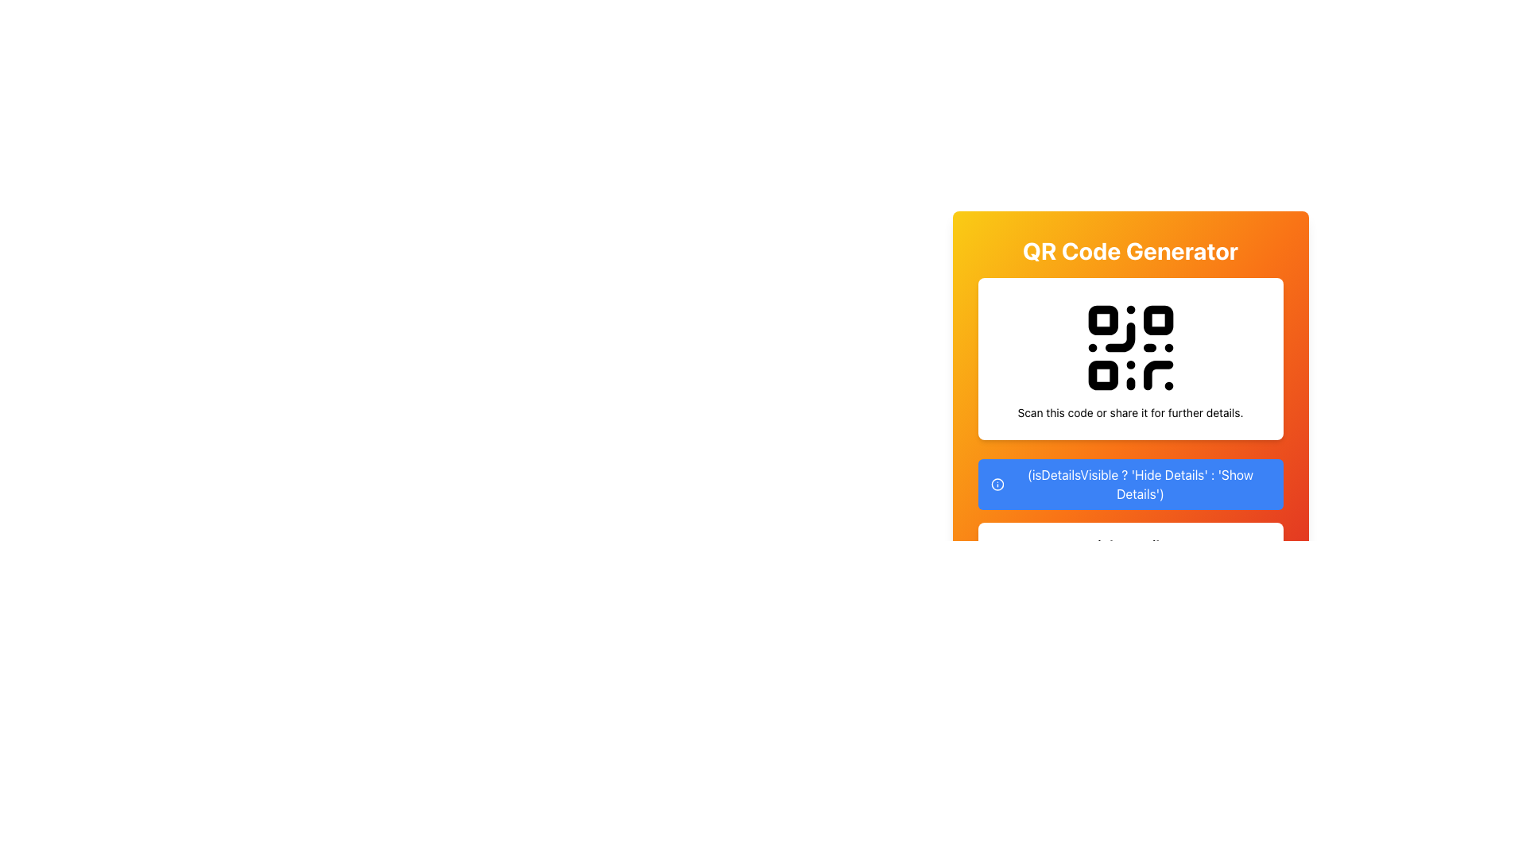 This screenshot has width=1526, height=858. I want to click on the button located in the bottom section of the QR Code Generator interface, so click(1129, 483).